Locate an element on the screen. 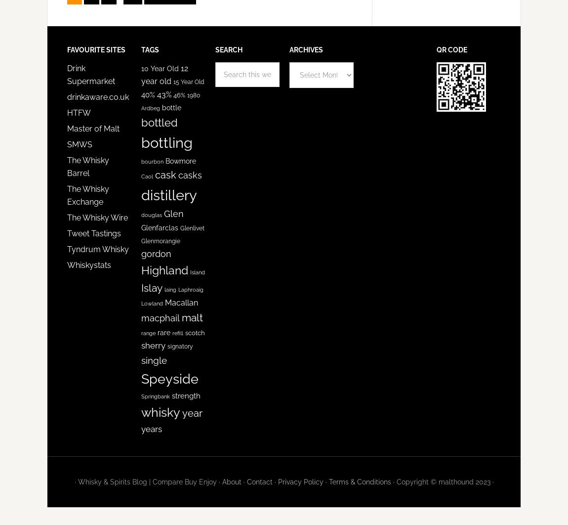 The height and width of the screenshot is (525, 568). 'Master of Malt' is located at coordinates (92, 129).